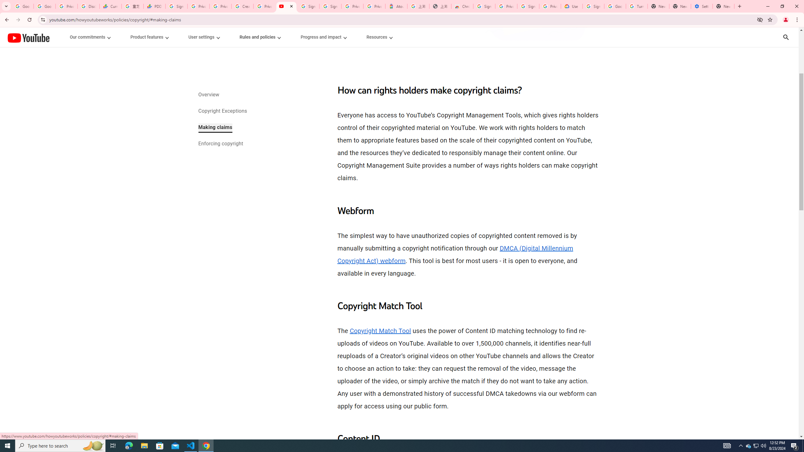  I want to click on 'Atour Hotel - Google hotels', so click(396, 6).